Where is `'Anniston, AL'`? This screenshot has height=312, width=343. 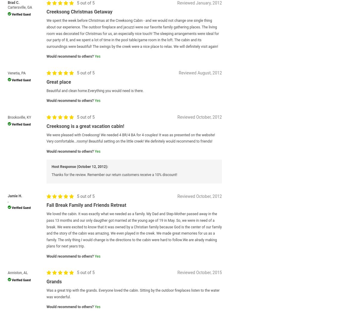 'Anniston, AL' is located at coordinates (17, 273).